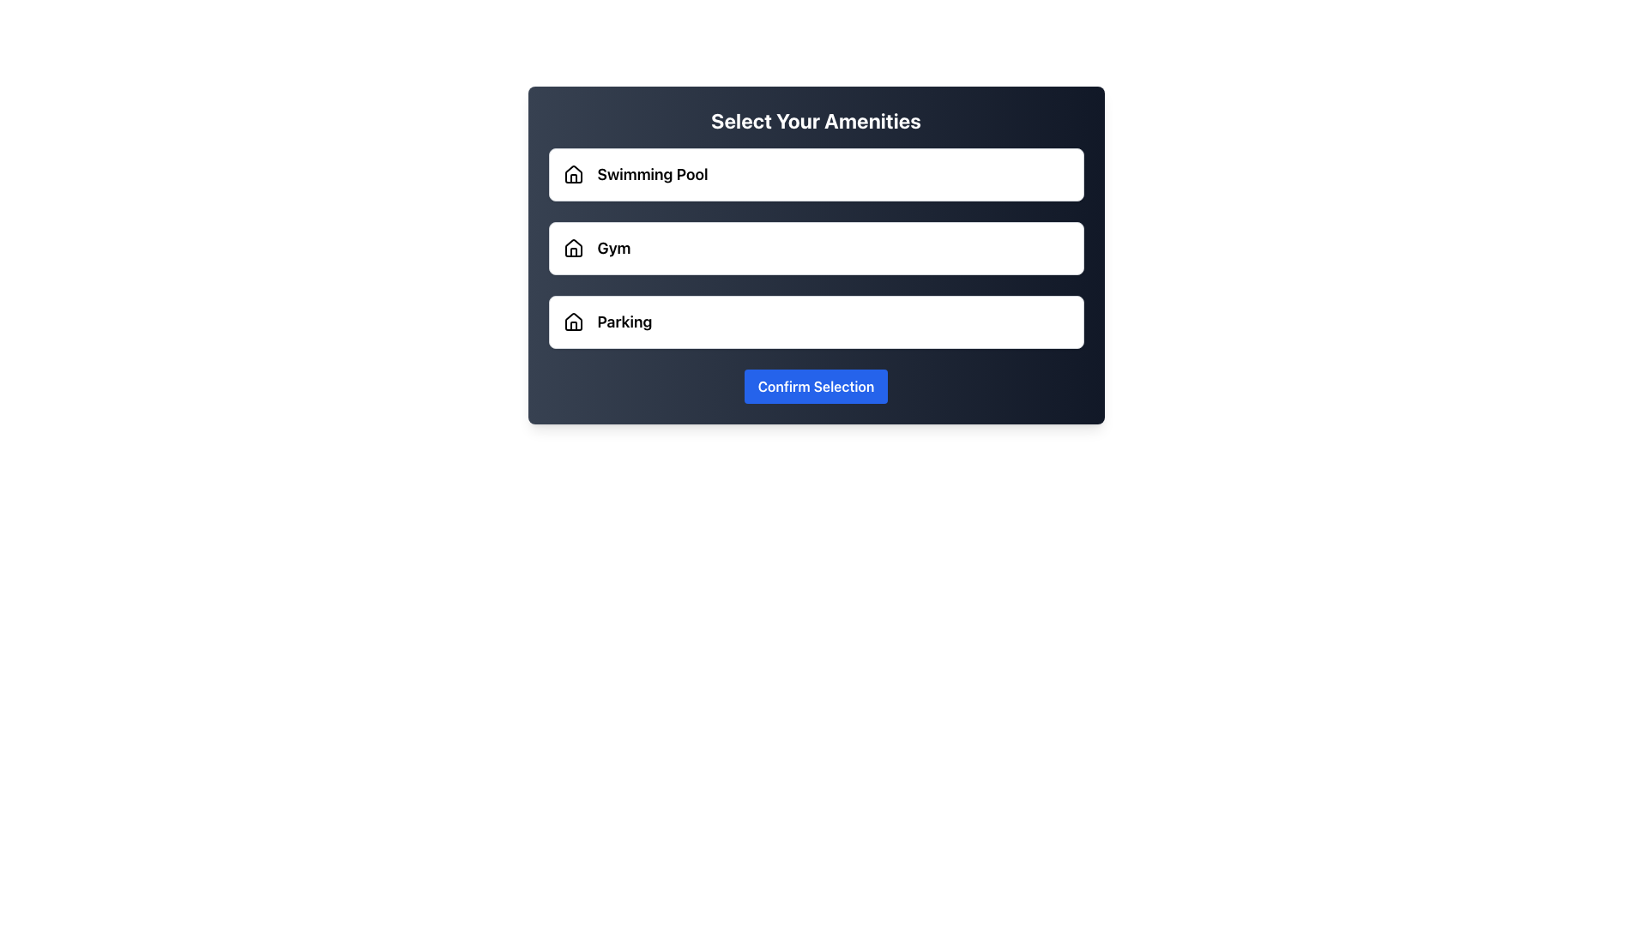 The image size is (1647, 926). I want to click on the selection button for 'Gym', which is the second option in the list between 'Swimming Pool' and 'Parking', so click(815, 255).